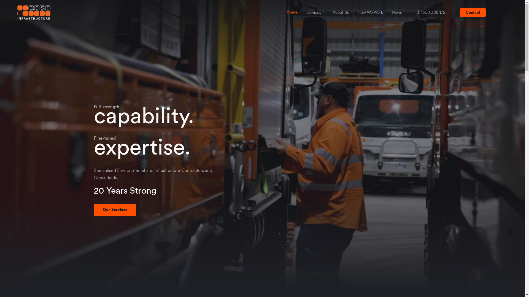  I want to click on 'Home', so click(292, 12).